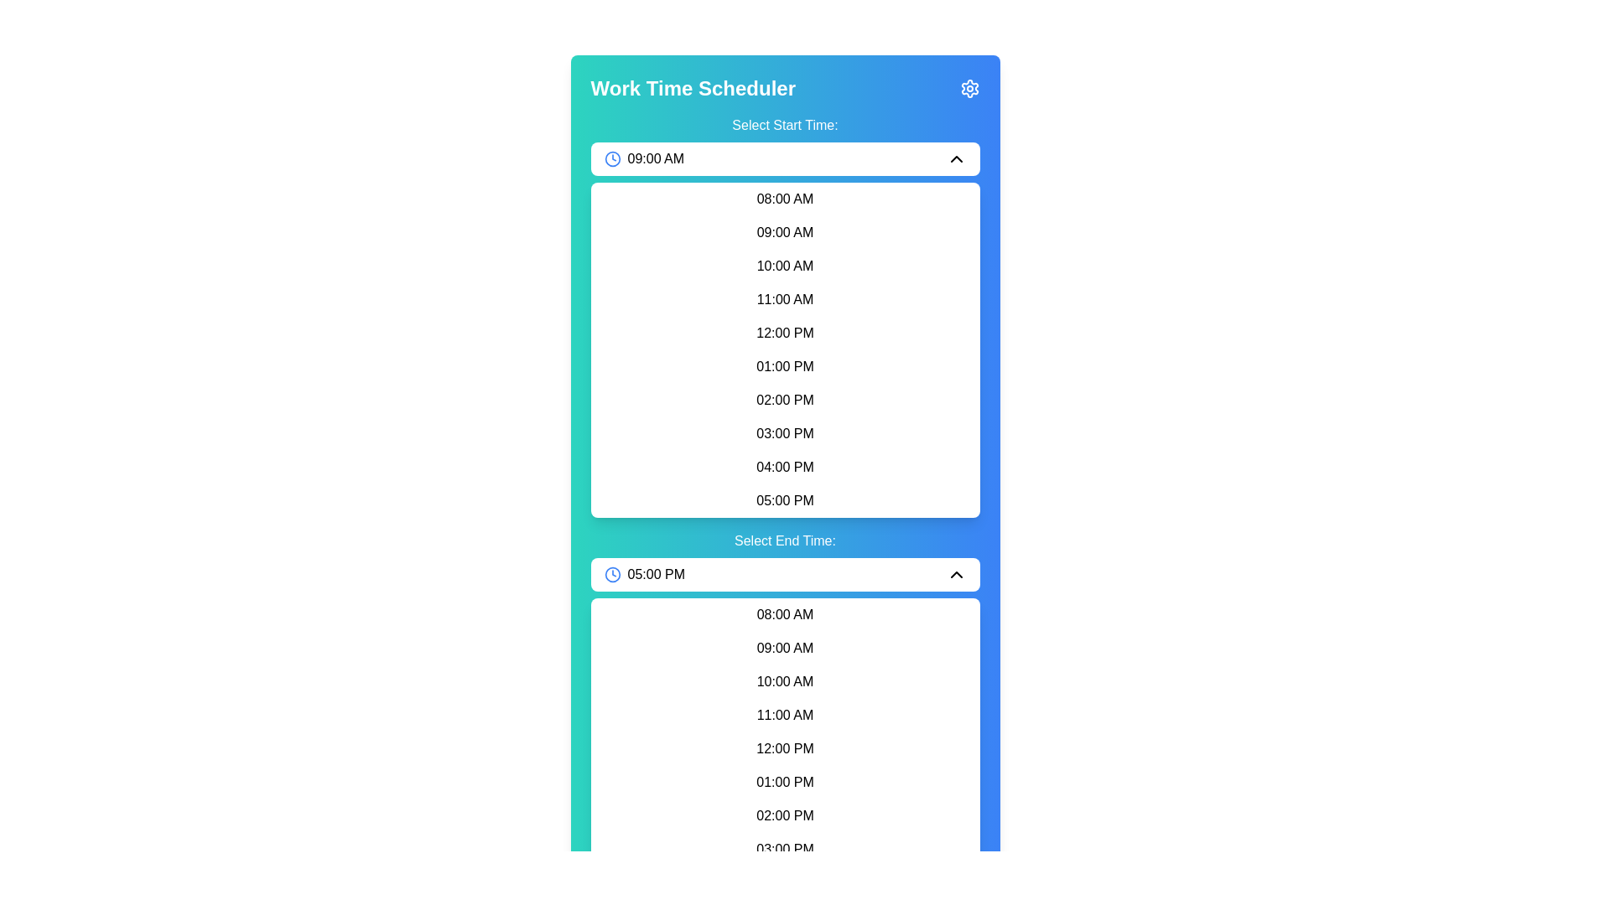 This screenshot has height=905, width=1610. Describe the element at coordinates (784, 333) in the screenshot. I see `the text label displaying '12:00 PM'` at that location.